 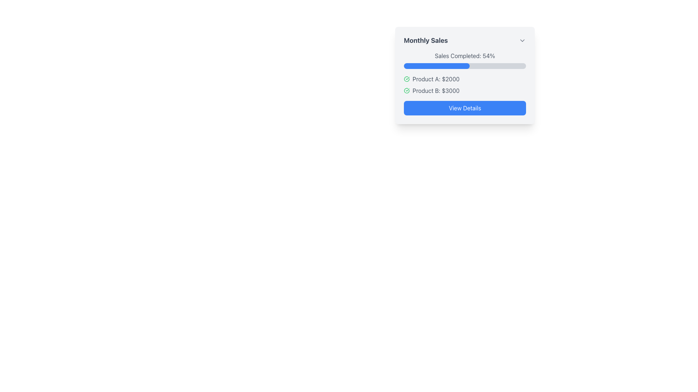 What do you see at coordinates (436, 66) in the screenshot?
I see `the blue progress bar segment indicating 54% completion, which is visually aligned with the text 'Sales Completed: 54%'` at bounding box center [436, 66].